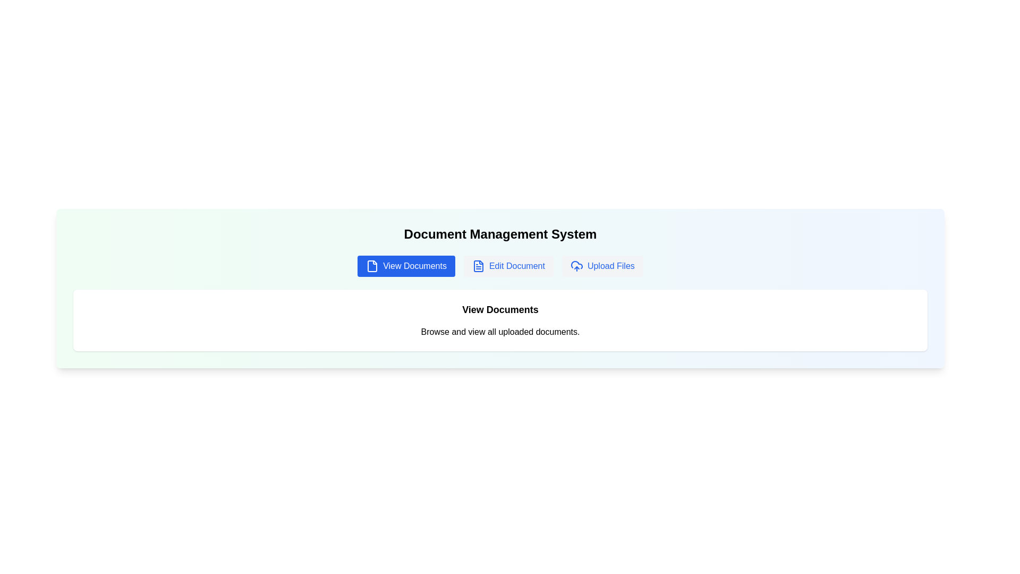 This screenshot has height=574, width=1020. What do you see at coordinates (602, 266) in the screenshot?
I see `the Upload Files tab to interact with it` at bounding box center [602, 266].